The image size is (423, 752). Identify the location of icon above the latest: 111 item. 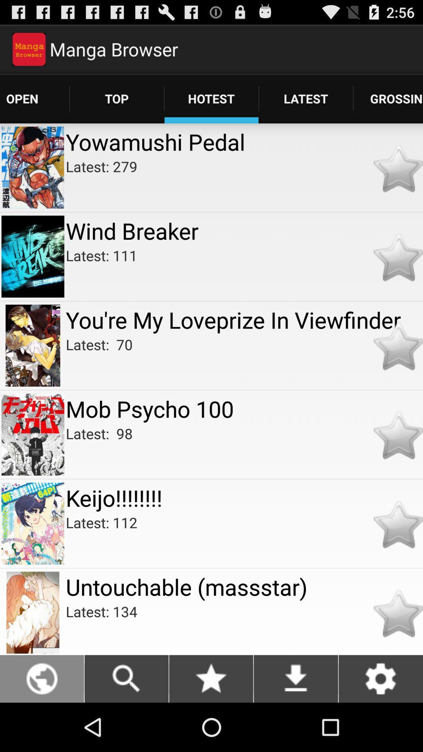
(244, 230).